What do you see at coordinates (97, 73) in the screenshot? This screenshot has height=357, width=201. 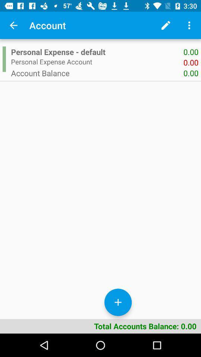 I see `the icon to the left of 0.00 item` at bounding box center [97, 73].